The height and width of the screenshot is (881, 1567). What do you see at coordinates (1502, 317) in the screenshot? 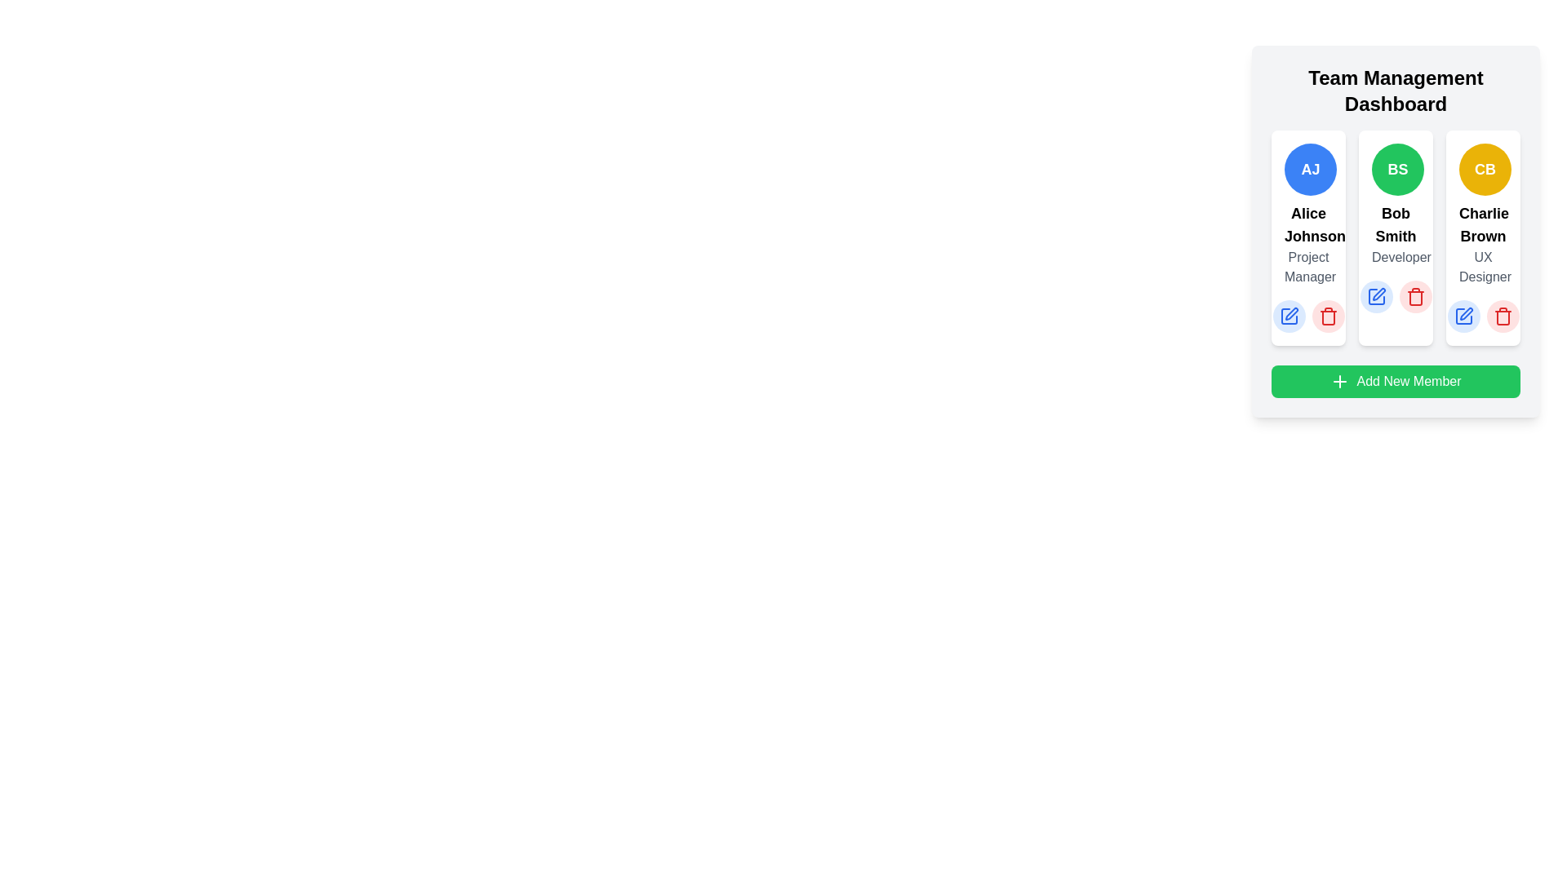
I see `the red circular button with a trash icon, located to the right of the blue edit button associated with 'Charlie Brown, UX Designer'` at bounding box center [1502, 317].